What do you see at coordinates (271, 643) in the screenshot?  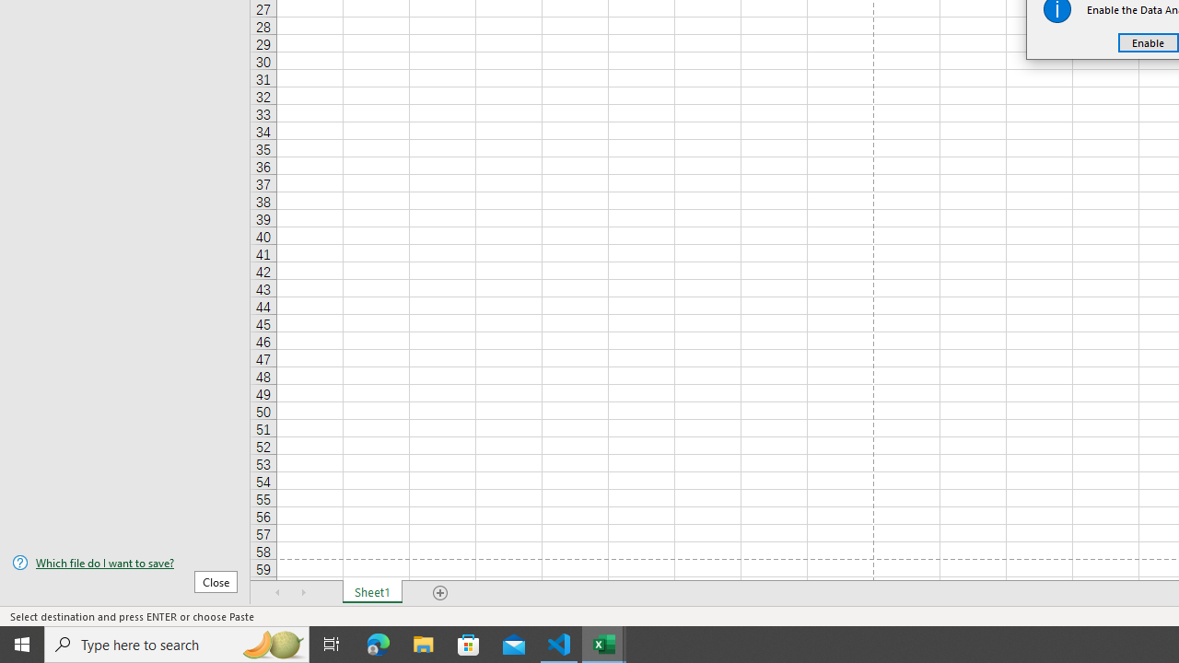 I see `'Search highlights icon opens search home window'` at bounding box center [271, 643].